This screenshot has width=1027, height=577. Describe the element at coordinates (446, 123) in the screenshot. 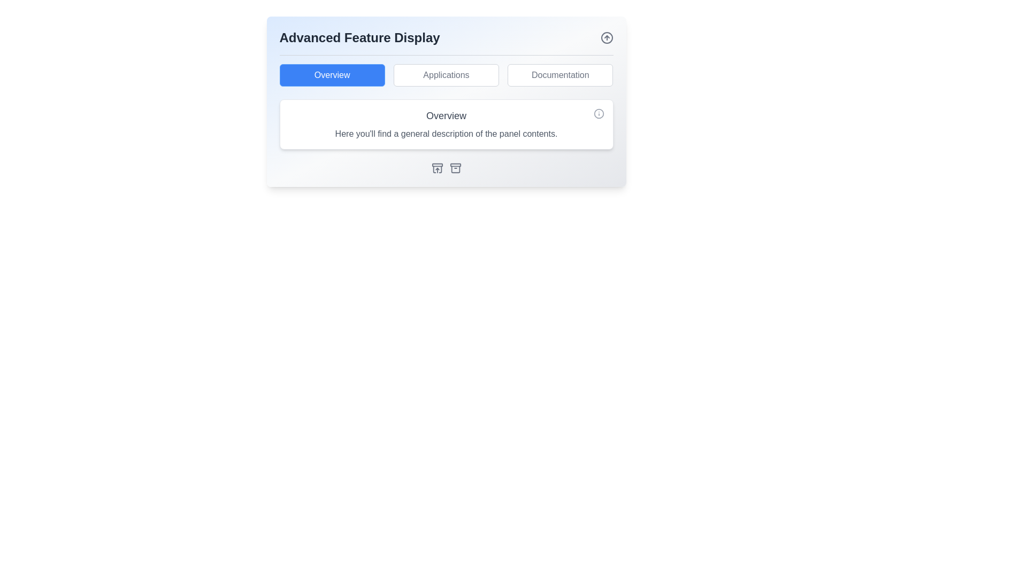

I see `the Descriptive Panel that provides an overview of the content, located below the buttons labeled 'Overview,' 'Applications,' and 'Documentation.'` at that location.